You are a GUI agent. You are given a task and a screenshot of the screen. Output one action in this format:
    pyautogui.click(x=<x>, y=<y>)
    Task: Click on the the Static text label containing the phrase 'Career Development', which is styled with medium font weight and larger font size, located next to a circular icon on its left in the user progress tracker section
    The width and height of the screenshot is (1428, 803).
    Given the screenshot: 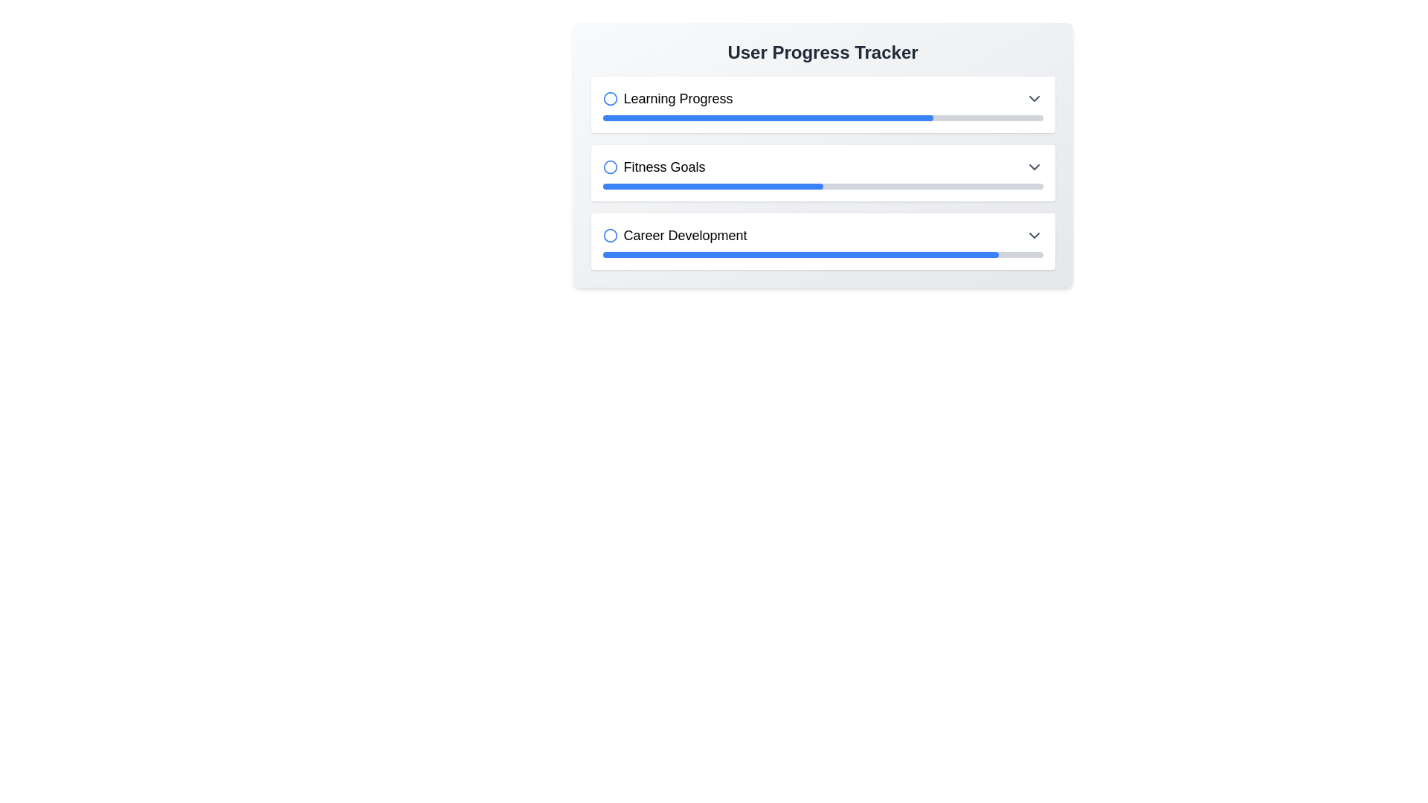 What is the action you would take?
    pyautogui.click(x=684, y=234)
    